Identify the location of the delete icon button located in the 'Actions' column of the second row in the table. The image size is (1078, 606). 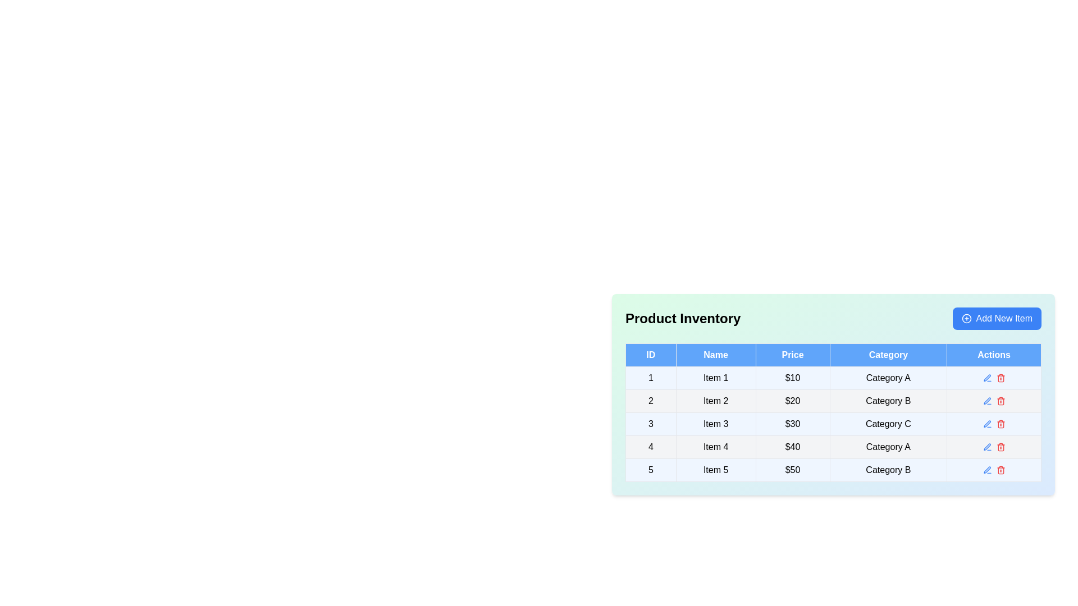
(1001, 400).